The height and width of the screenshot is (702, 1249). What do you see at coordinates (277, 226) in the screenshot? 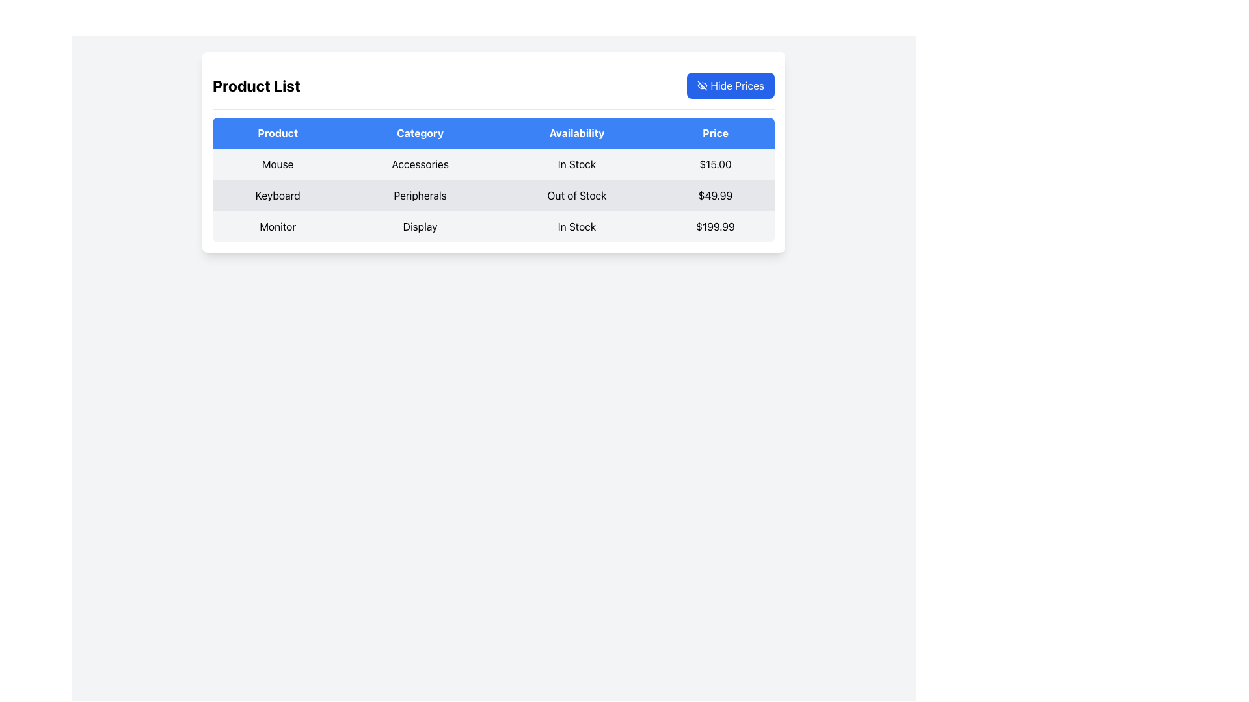
I see `the text label that identifies the product in the first cell of the leftmost column of the table, positioned beneath the row containing 'Keyboard' and 'Peripherals'` at bounding box center [277, 226].